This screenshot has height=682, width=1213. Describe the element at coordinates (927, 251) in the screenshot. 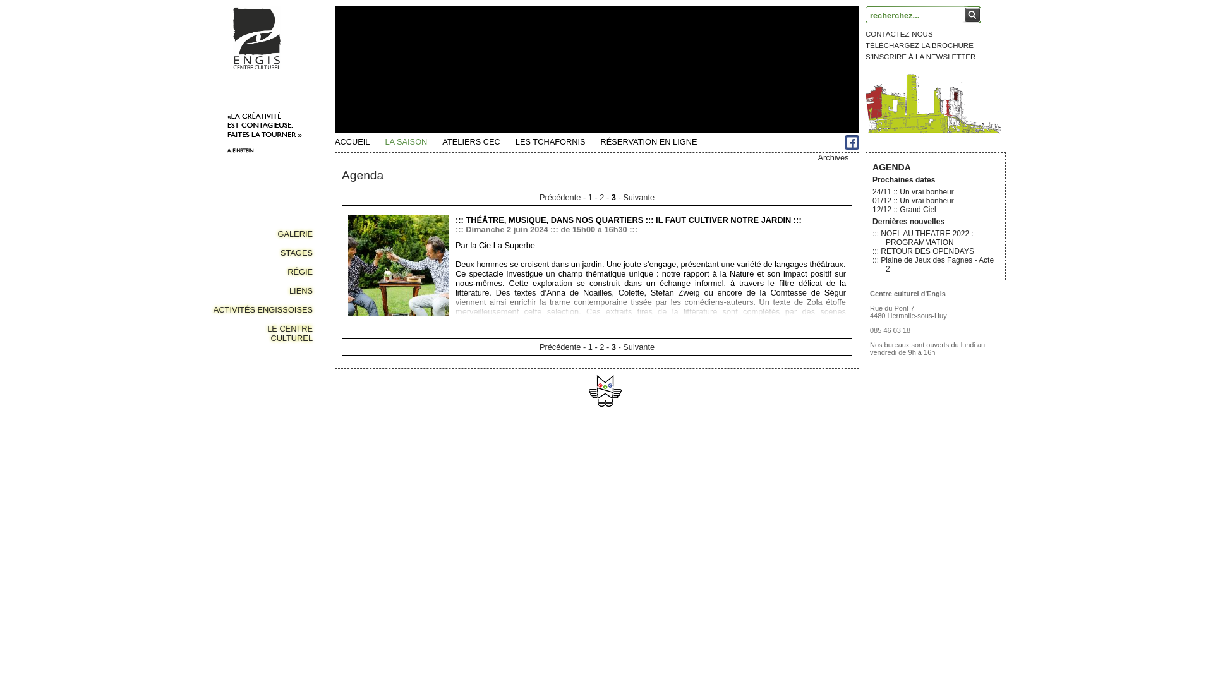

I see `'RETOUR DES OPENDAYS'` at that location.